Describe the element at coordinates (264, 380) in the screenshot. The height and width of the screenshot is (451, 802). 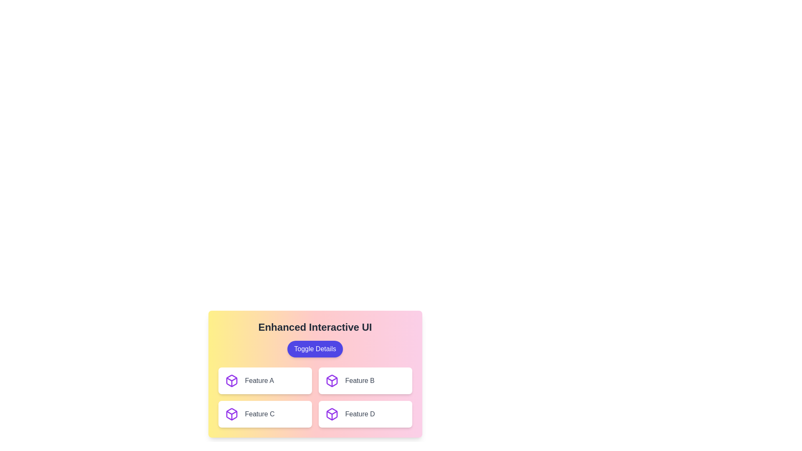
I see `the 'Feature A' card located in the top-left corner of the two-column grid` at that location.